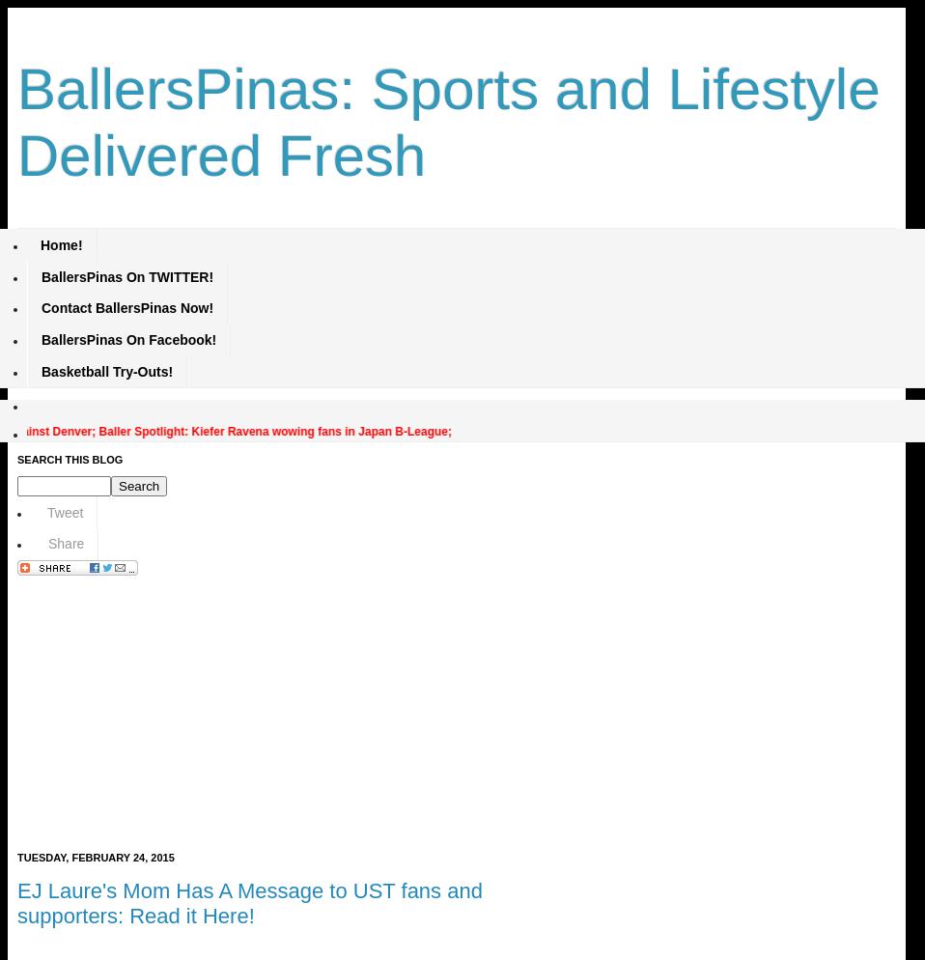 This screenshot has width=925, height=960. I want to click on 'EJ Laure's Mom Has A Message to UST fans and supporters: Read it Here!', so click(16, 903).